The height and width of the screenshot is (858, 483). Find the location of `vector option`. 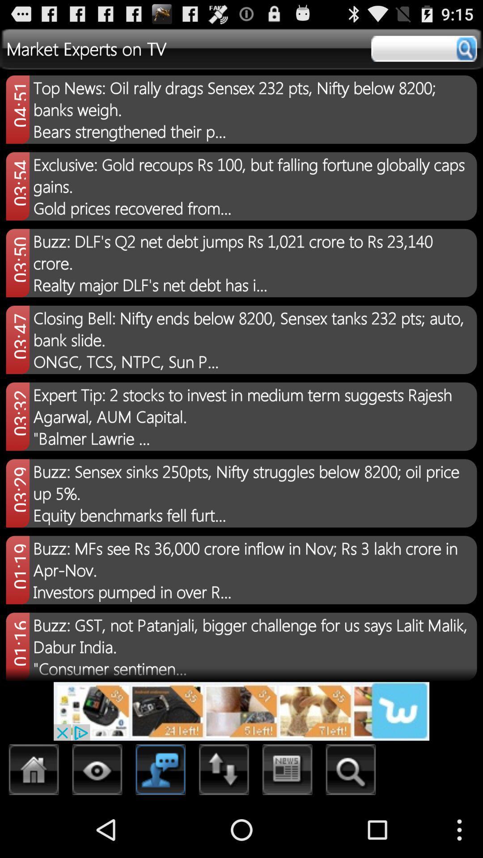

vector option is located at coordinates (97, 772).